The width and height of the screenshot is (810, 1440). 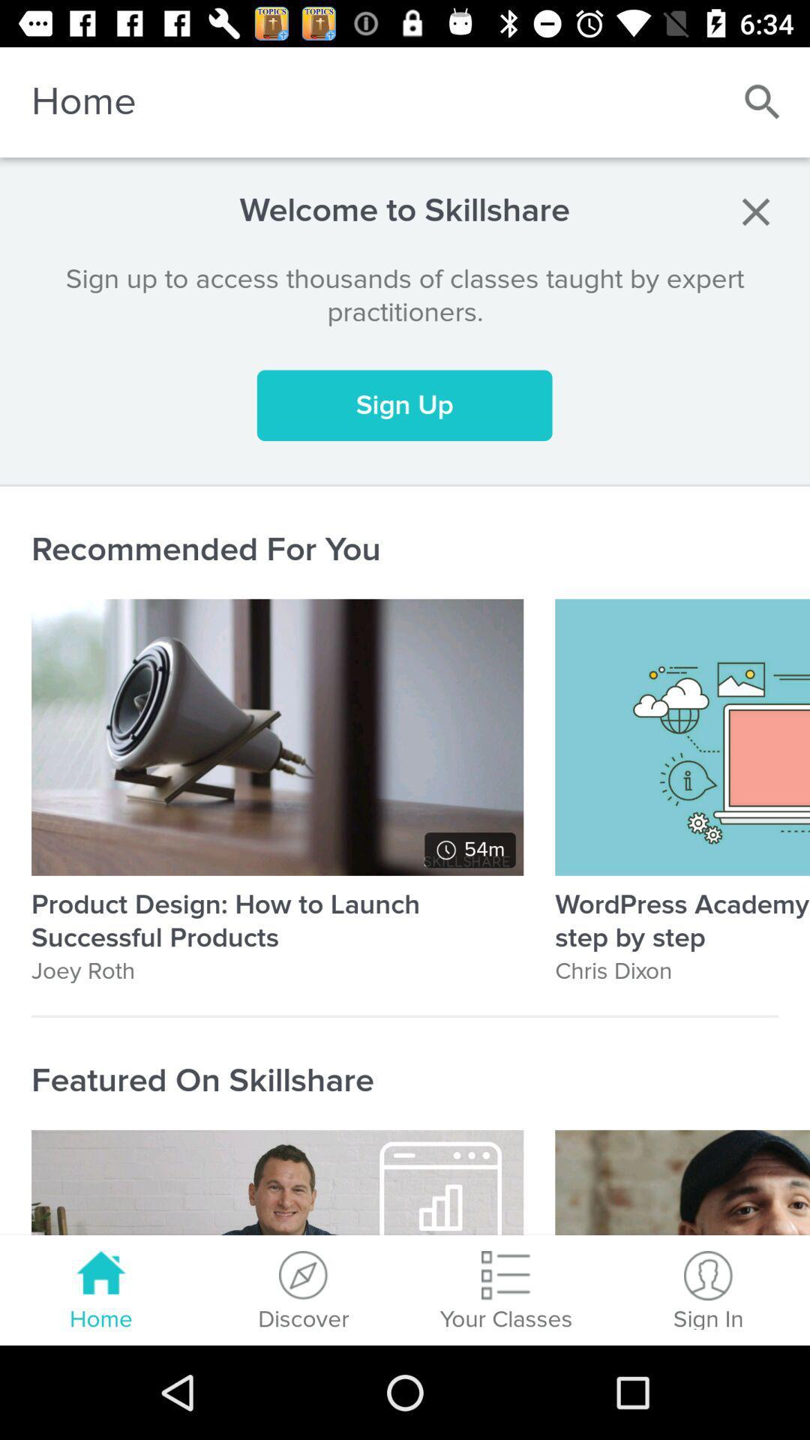 What do you see at coordinates (755, 211) in the screenshot?
I see `the item above sign up to icon` at bounding box center [755, 211].